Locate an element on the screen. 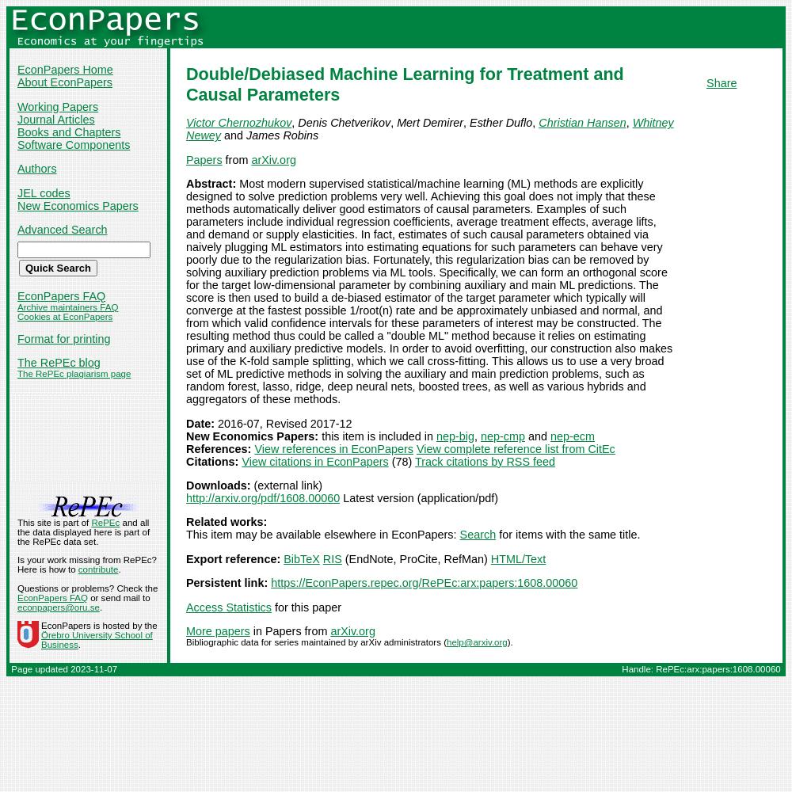 The width and height of the screenshot is (792, 792). 'for this paper' is located at coordinates (306, 607).